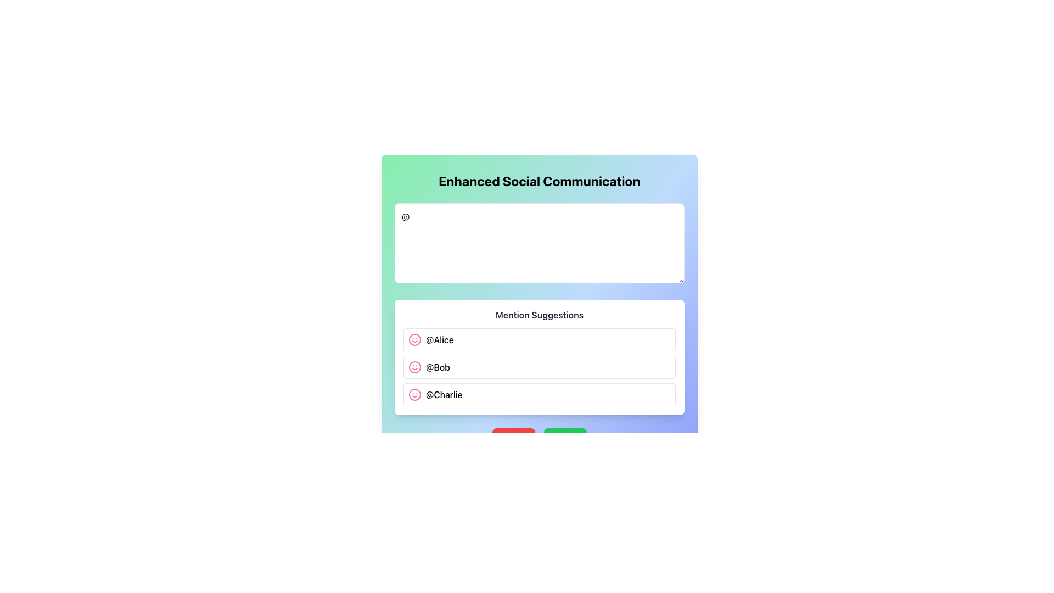 The image size is (1054, 593). What do you see at coordinates (540, 394) in the screenshot?
I see `to select the '@Charlie' mention from the third item in the vertical list of mention suggestions` at bounding box center [540, 394].